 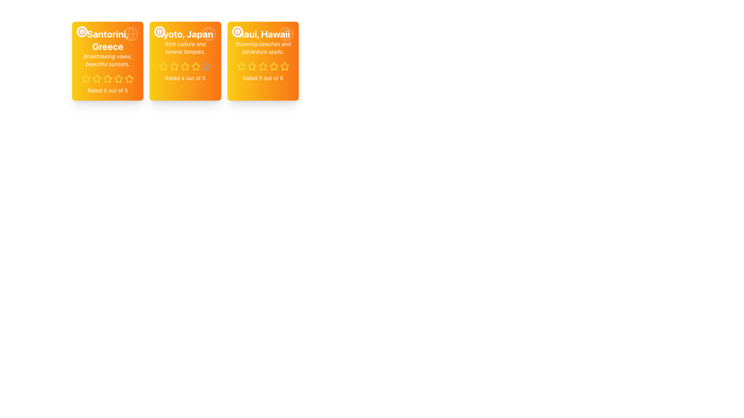 What do you see at coordinates (274, 66) in the screenshot?
I see `the vibrant yellow star icon at the bottom center of the 'Maui, Hawaii' card` at bounding box center [274, 66].